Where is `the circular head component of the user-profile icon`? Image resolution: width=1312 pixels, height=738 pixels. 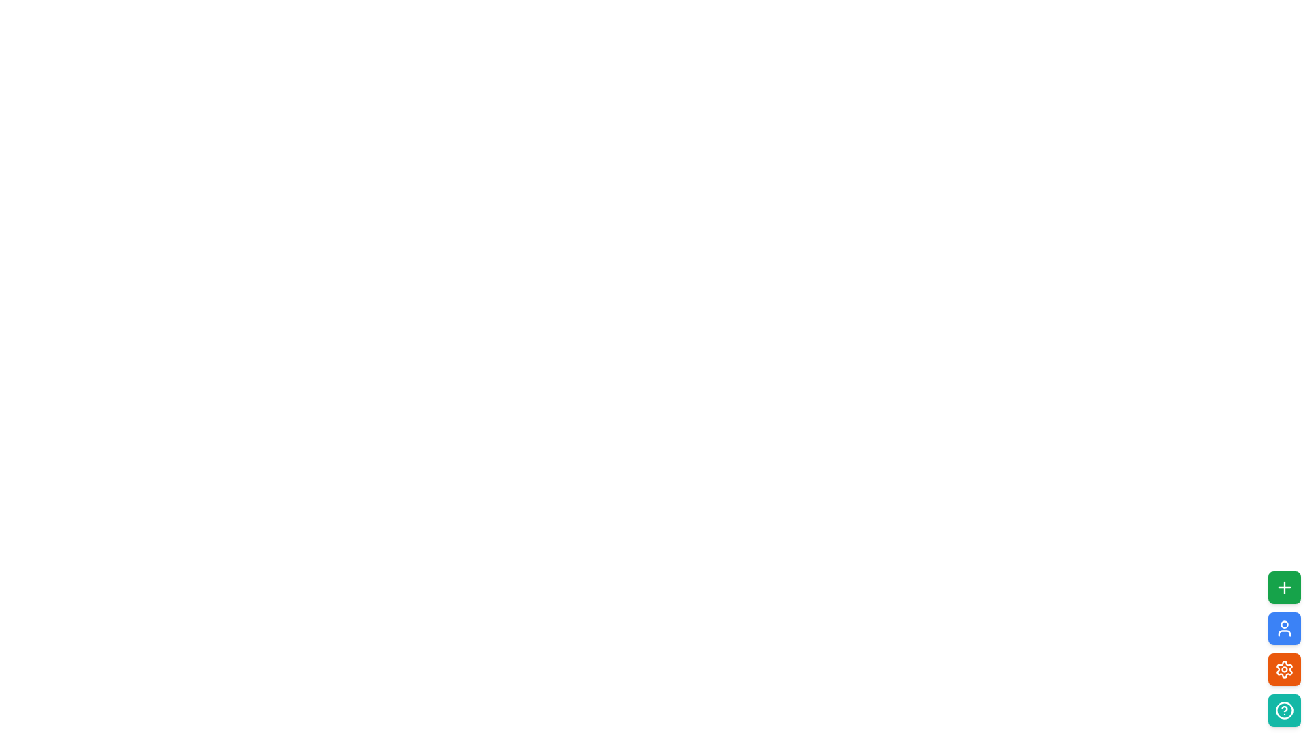
the circular head component of the user-profile icon is located at coordinates (1284, 625).